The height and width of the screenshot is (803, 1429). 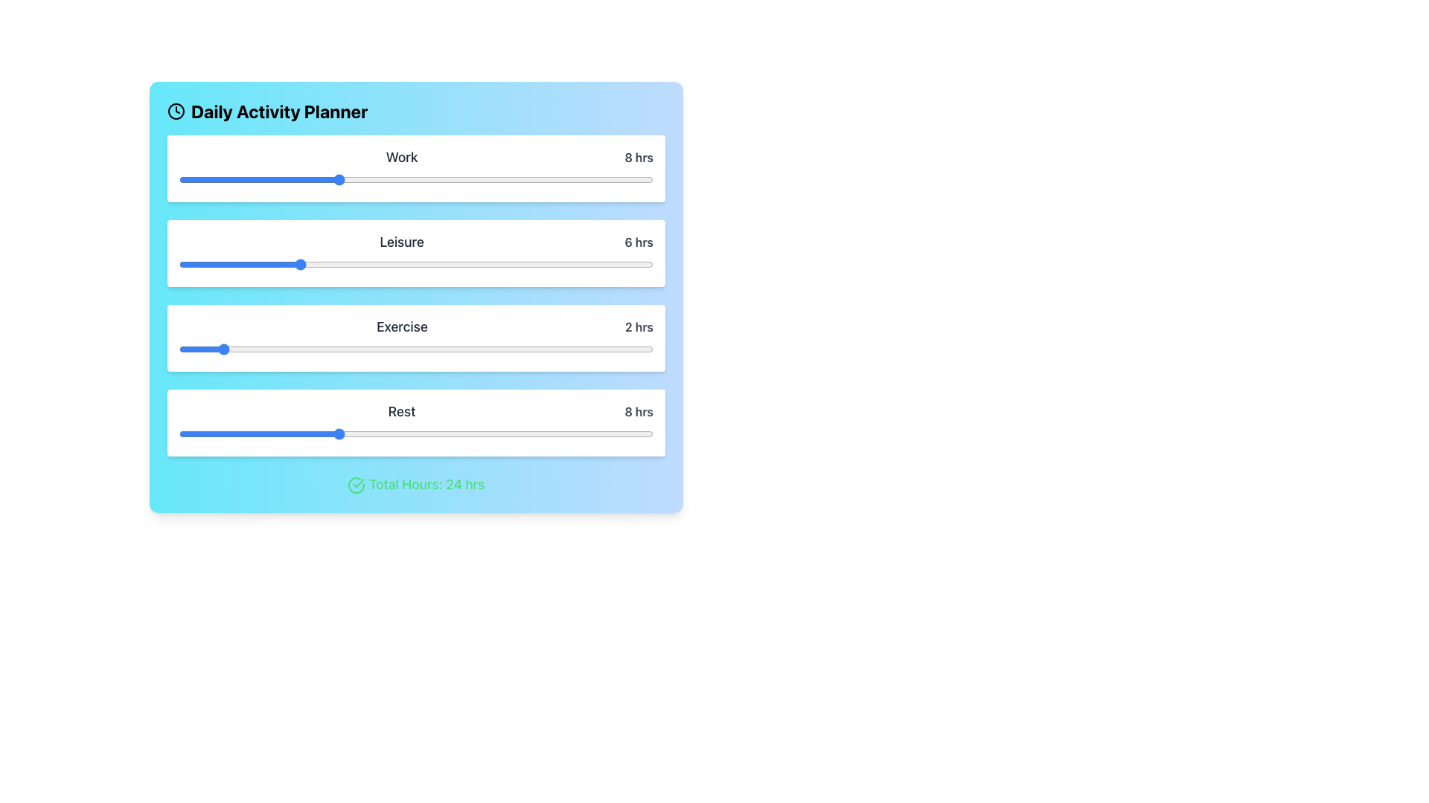 I want to click on the 'Rest' hours, so click(x=416, y=433).